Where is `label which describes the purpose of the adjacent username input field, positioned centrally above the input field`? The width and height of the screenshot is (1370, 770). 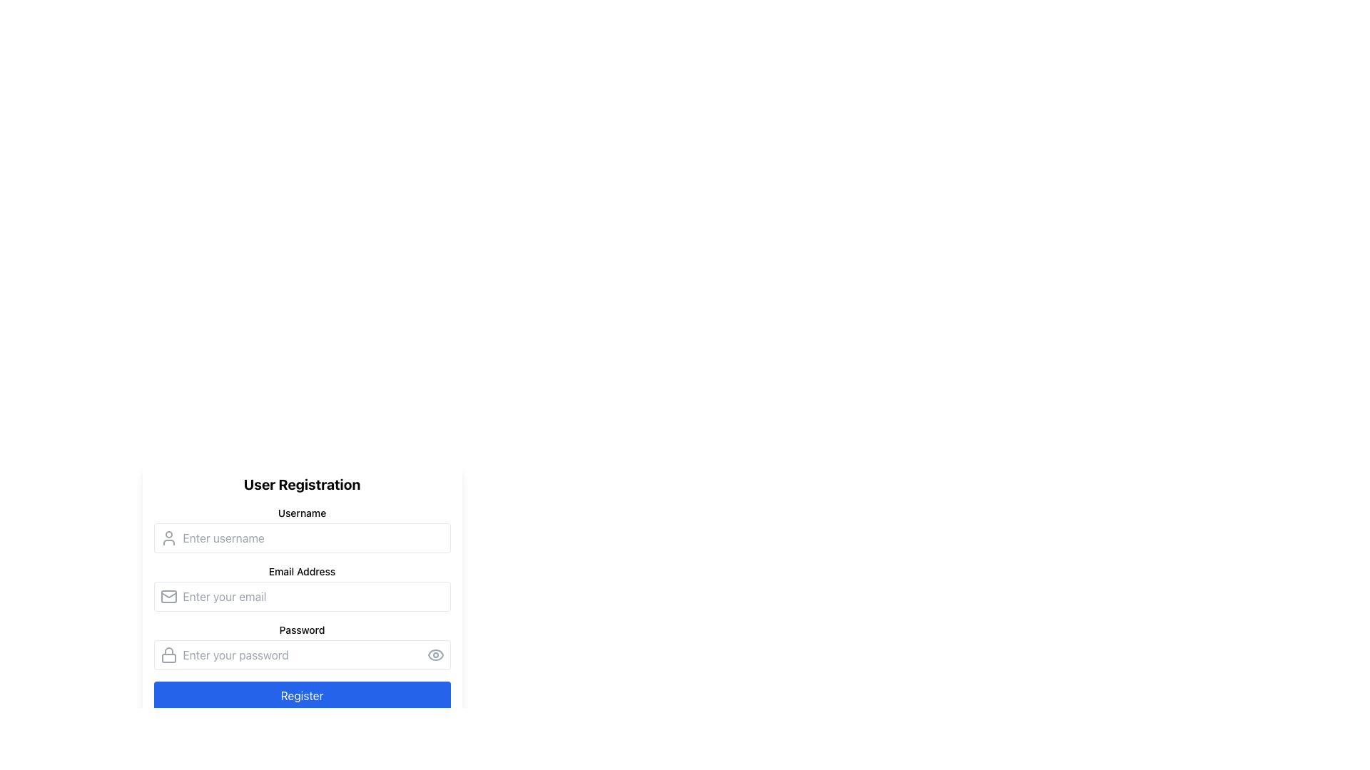 label which describes the purpose of the adjacent username input field, positioned centrally above the input field is located at coordinates (301, 513).